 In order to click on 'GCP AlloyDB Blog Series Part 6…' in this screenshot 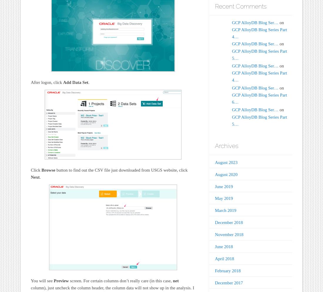, I will do `click(259, 98)`.